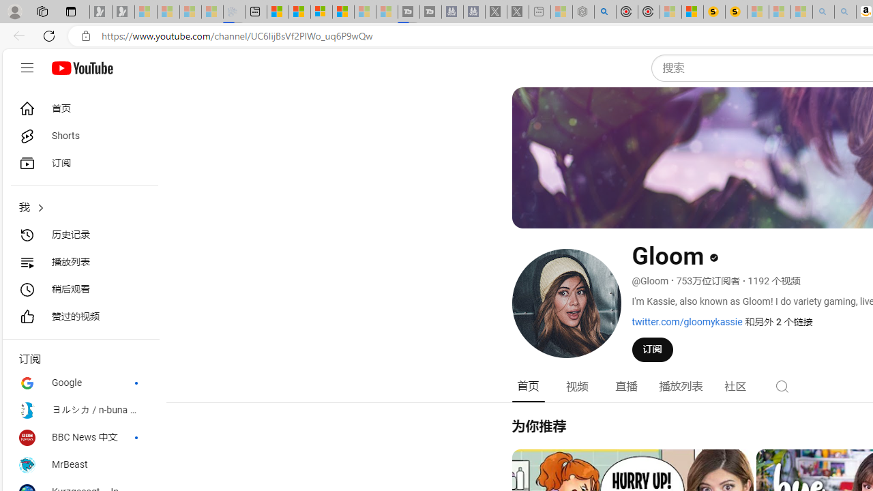  What do you see at coordinates (844, 12) in the screenshot?
I see `'Amazon Echo Dot PNG - Search Images - Sleeping'` at bounding box center [844, 12].